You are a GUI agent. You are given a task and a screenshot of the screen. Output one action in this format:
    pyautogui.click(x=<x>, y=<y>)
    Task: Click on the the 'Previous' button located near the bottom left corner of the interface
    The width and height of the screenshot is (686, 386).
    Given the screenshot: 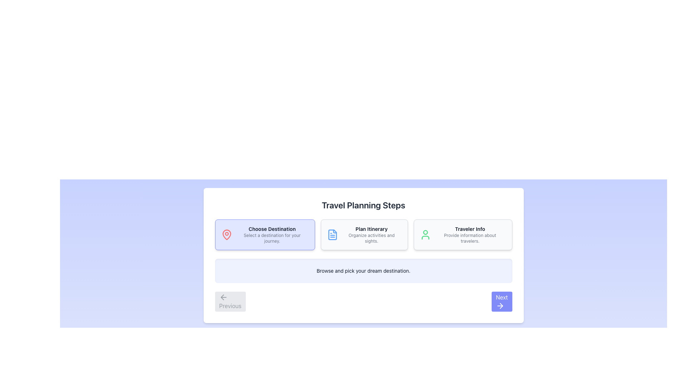 What is the action you would take?
    pyautogui.click(x=230, y=302)
    